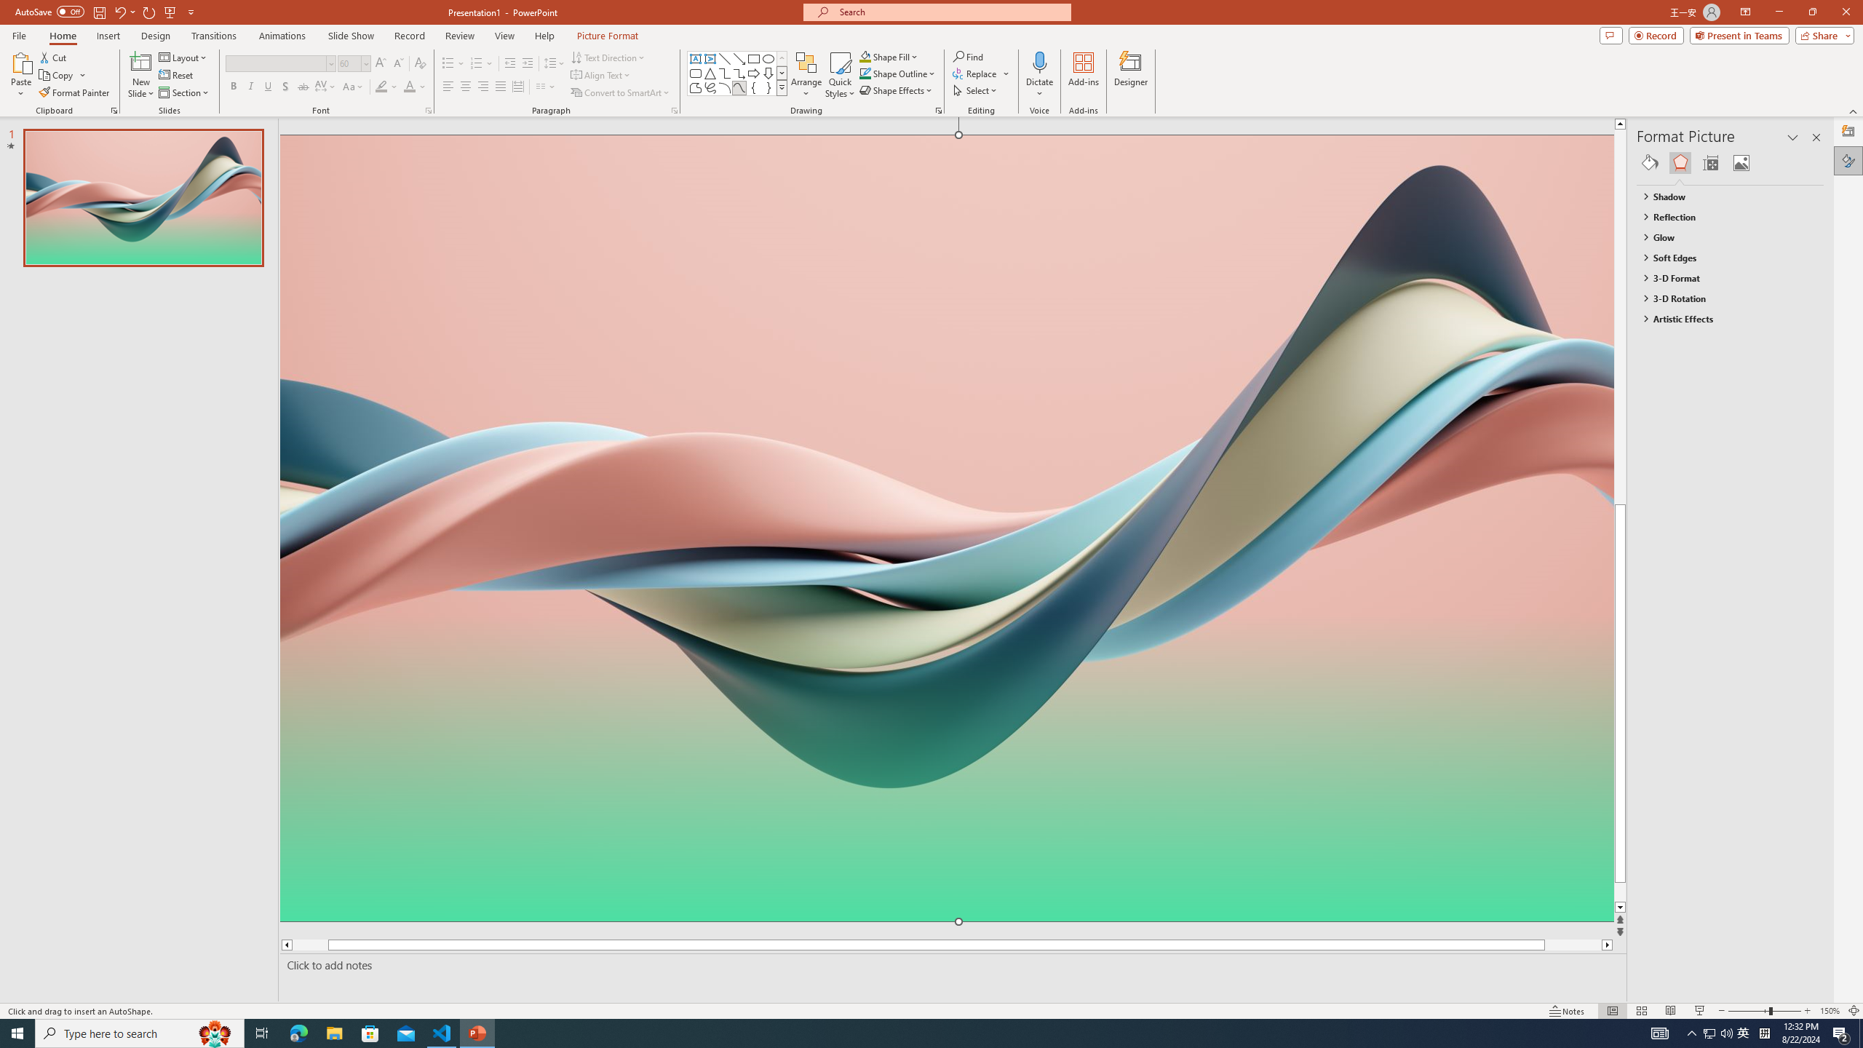 The width and height of the screenshot is (1863, 1048). I want to click on 'Fill & Line', so click(1649, 162).